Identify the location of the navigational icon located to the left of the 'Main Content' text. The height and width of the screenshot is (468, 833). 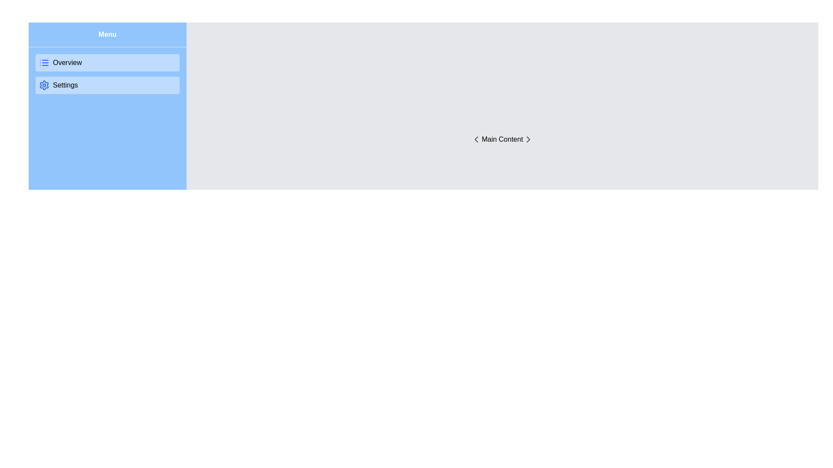
(476, 139).